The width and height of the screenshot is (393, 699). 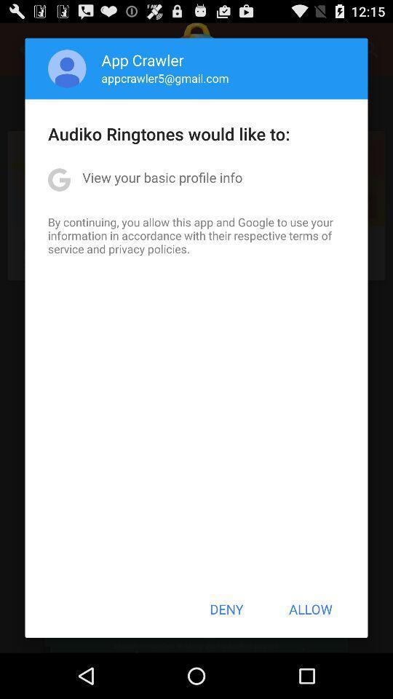 What do you see at coordinates (164, 78) in the screenshot?
I see `the appcrawler5@gmail.com` at bounding box center [164, 78].